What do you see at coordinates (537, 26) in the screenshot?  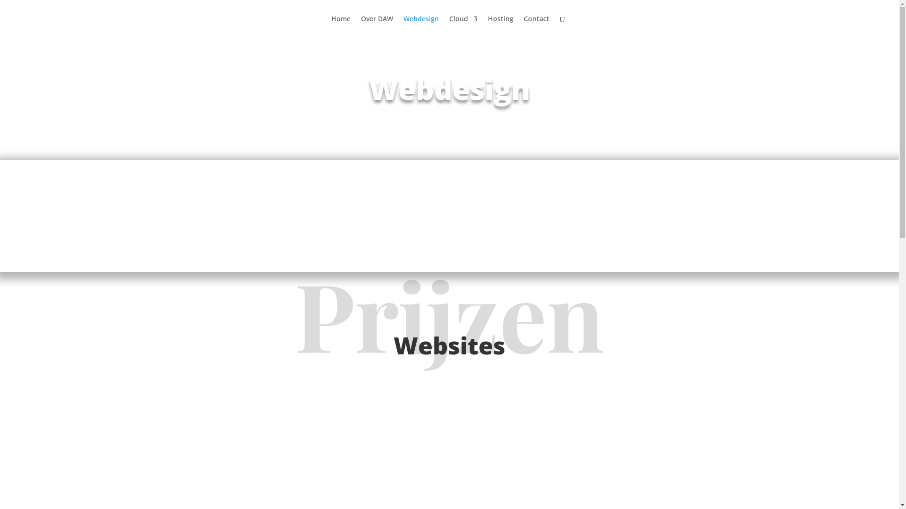 I see `'Contact'` at bounding box center [537, 26].